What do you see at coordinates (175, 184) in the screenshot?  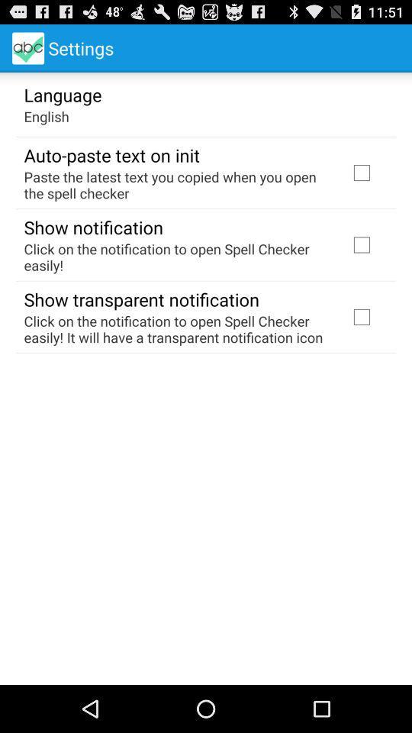 I see `item at the top` at bounding box center [175, 184].